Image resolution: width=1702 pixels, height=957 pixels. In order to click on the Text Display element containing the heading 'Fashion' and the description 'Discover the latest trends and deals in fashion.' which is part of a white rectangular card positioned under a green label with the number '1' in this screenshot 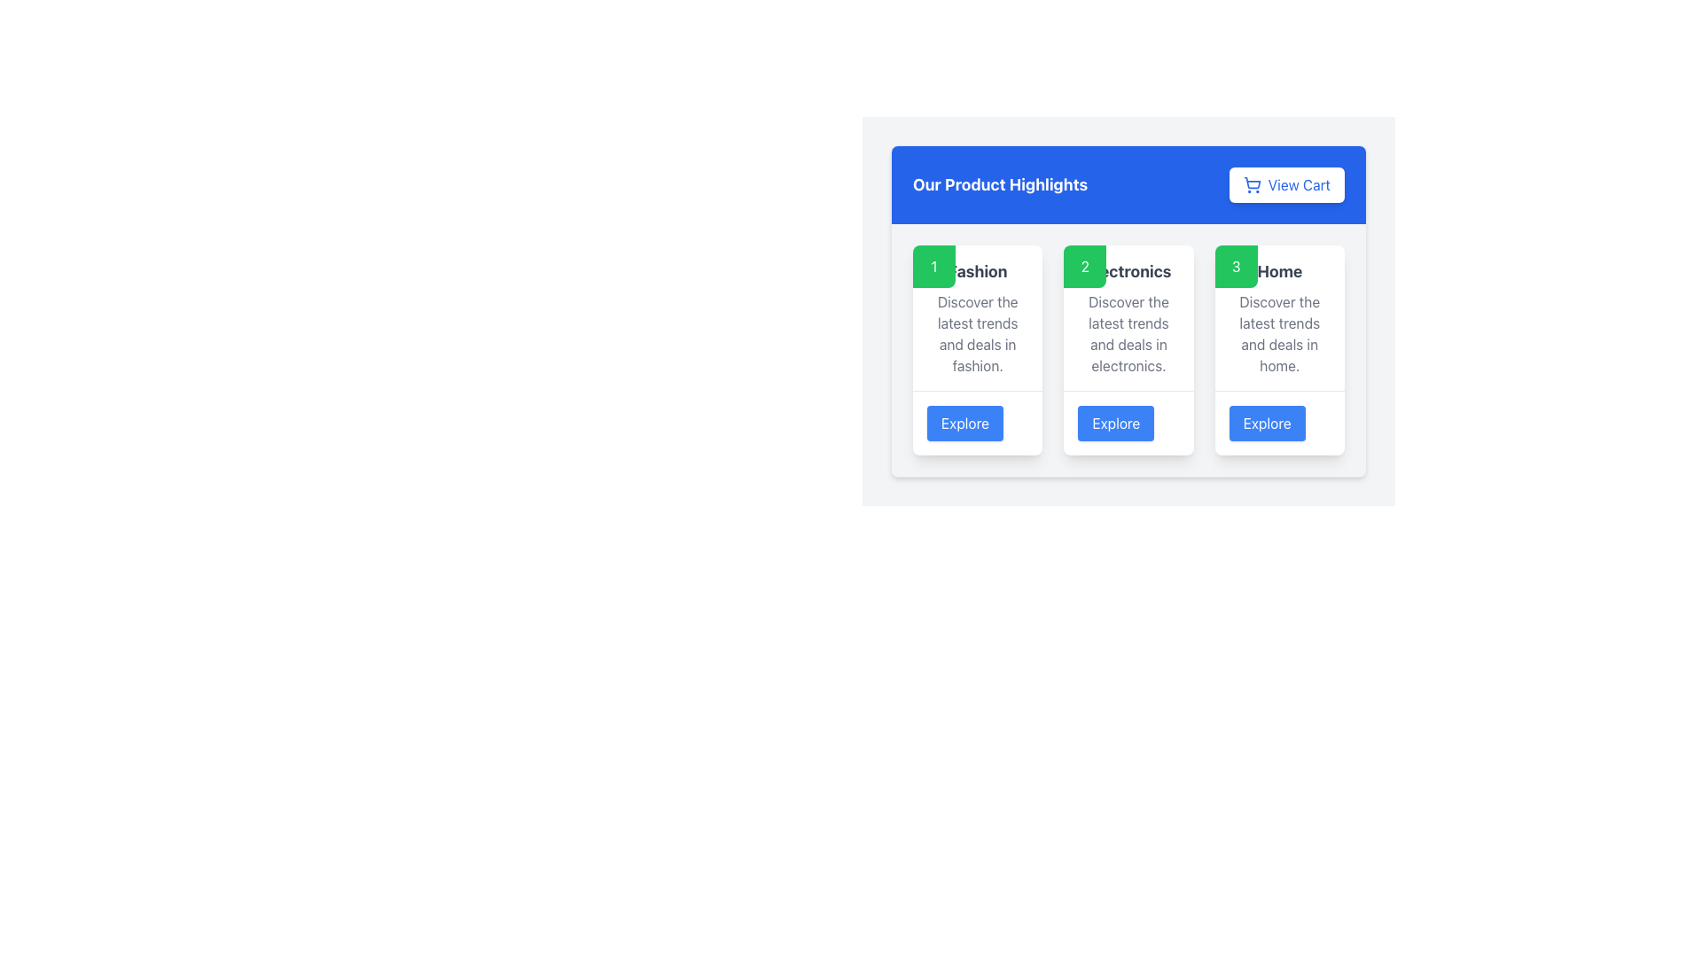, I will do `click(977, 316)`.